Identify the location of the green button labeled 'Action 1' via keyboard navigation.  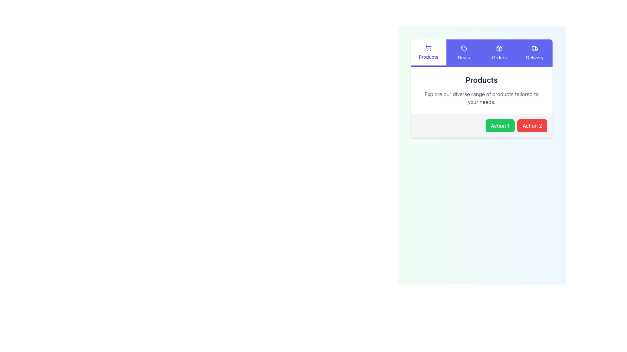
(500, 125).